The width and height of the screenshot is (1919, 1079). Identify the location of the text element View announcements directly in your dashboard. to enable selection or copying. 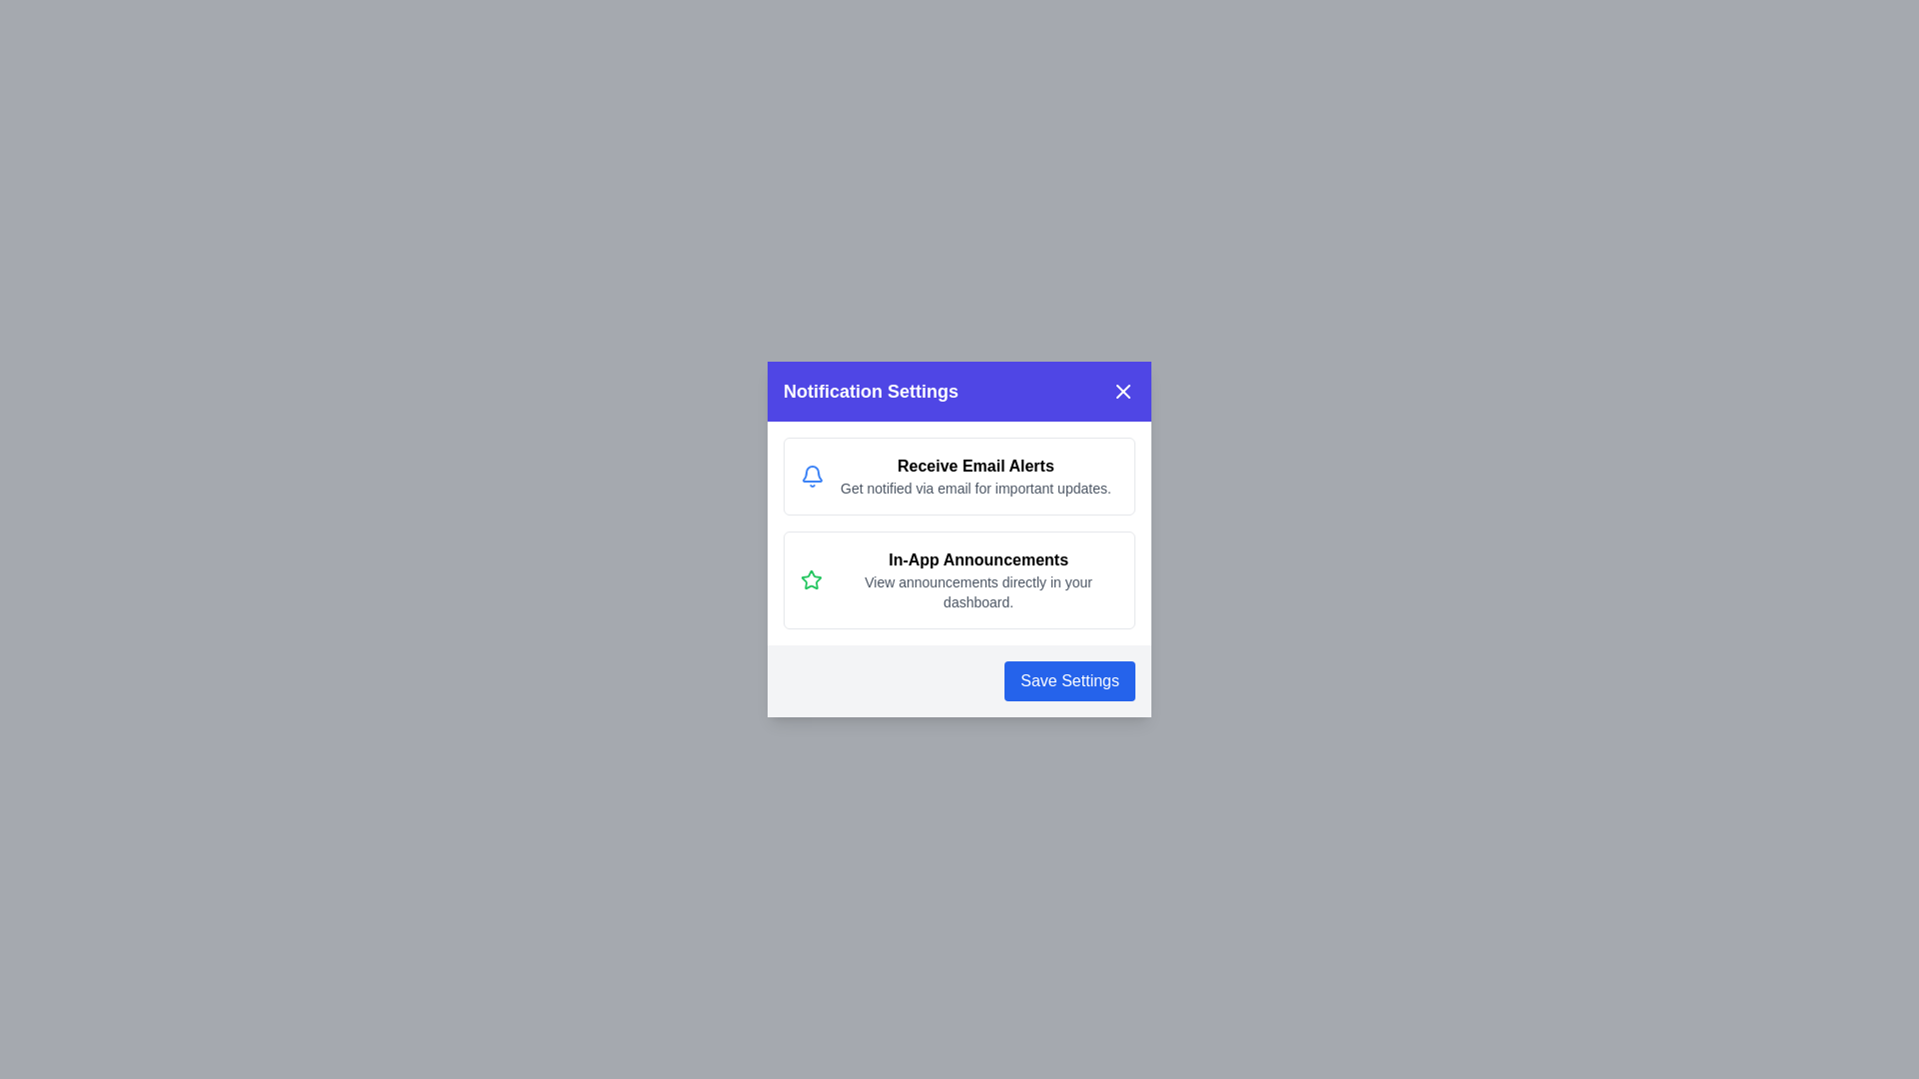
(978, 591).